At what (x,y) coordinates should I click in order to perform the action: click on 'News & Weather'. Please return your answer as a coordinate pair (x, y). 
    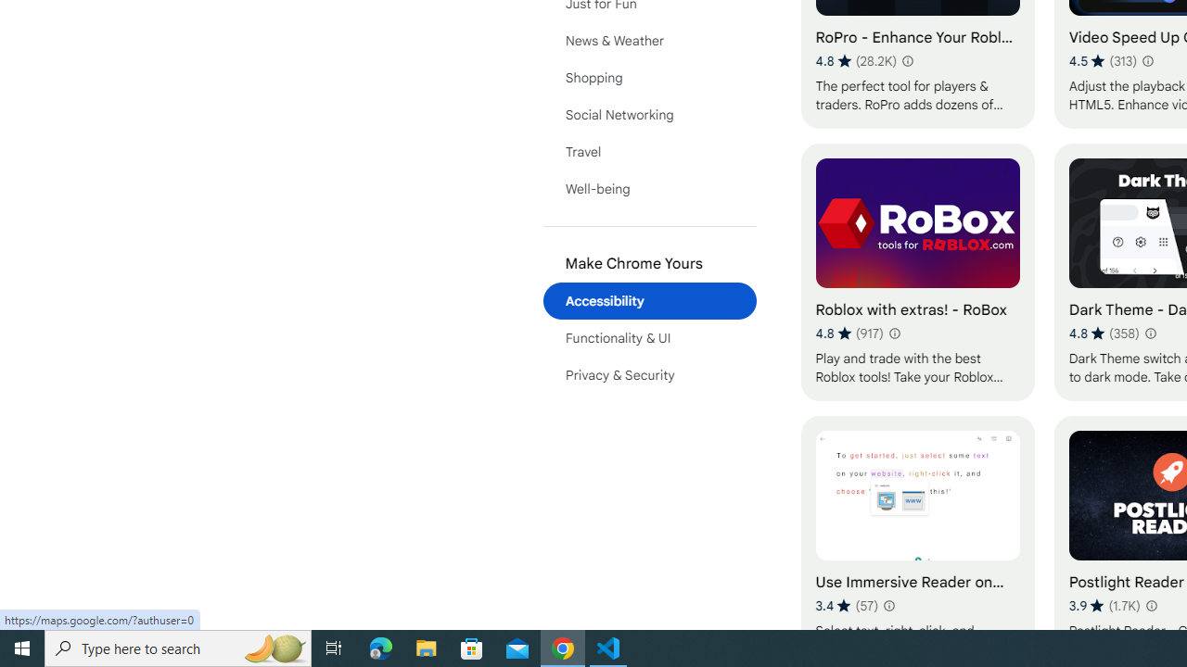
    Looking at the image, I should click on (649, 40).